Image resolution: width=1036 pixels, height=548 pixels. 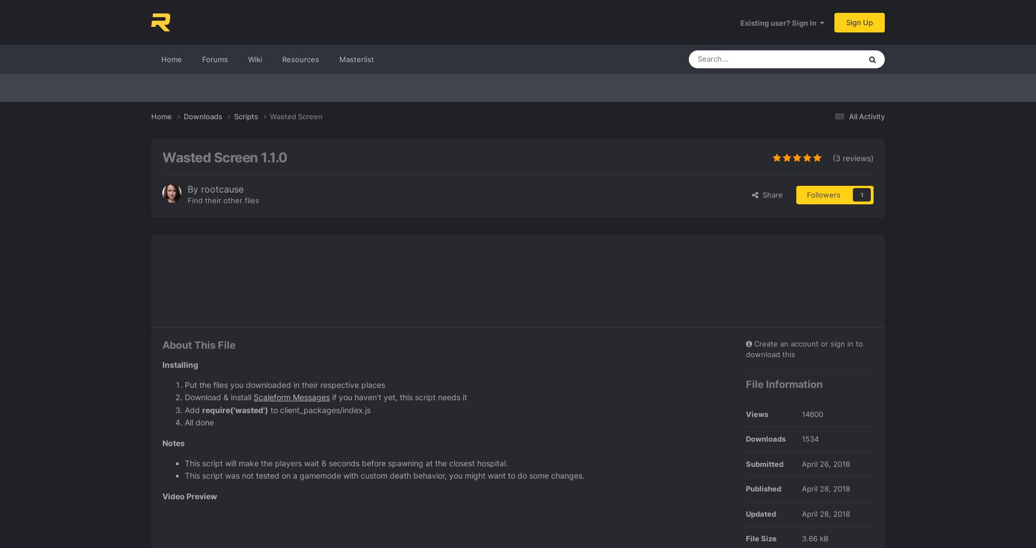 What do you see at coordinates (780, 22) in the screenshot?
I see `'Existing user? Sign In'` at bounding box center [780, 22].